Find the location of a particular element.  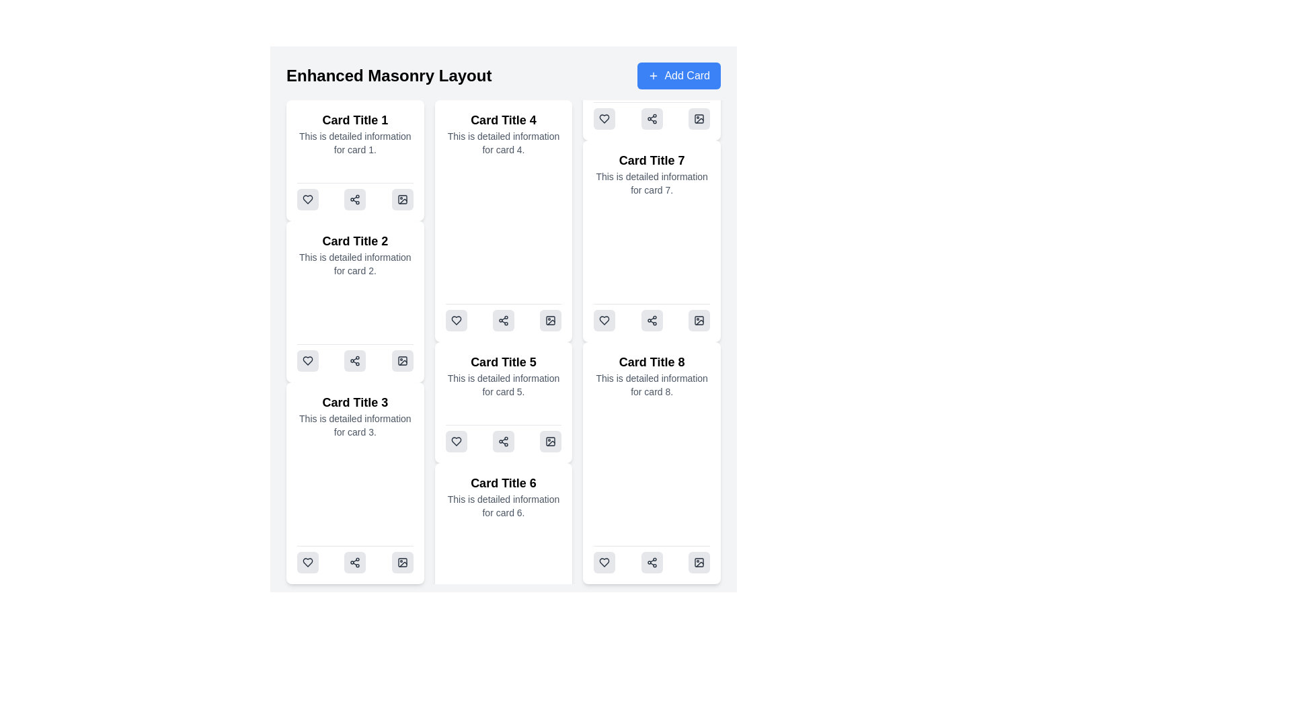

the heart-shaped icon located inside the action bar beneath 'Card Title 7' in the 'Enhanced Masonry Layout'. It is the first icon in this row of actions, positioned to the left of the share icon is located at coordinates (604, 118).